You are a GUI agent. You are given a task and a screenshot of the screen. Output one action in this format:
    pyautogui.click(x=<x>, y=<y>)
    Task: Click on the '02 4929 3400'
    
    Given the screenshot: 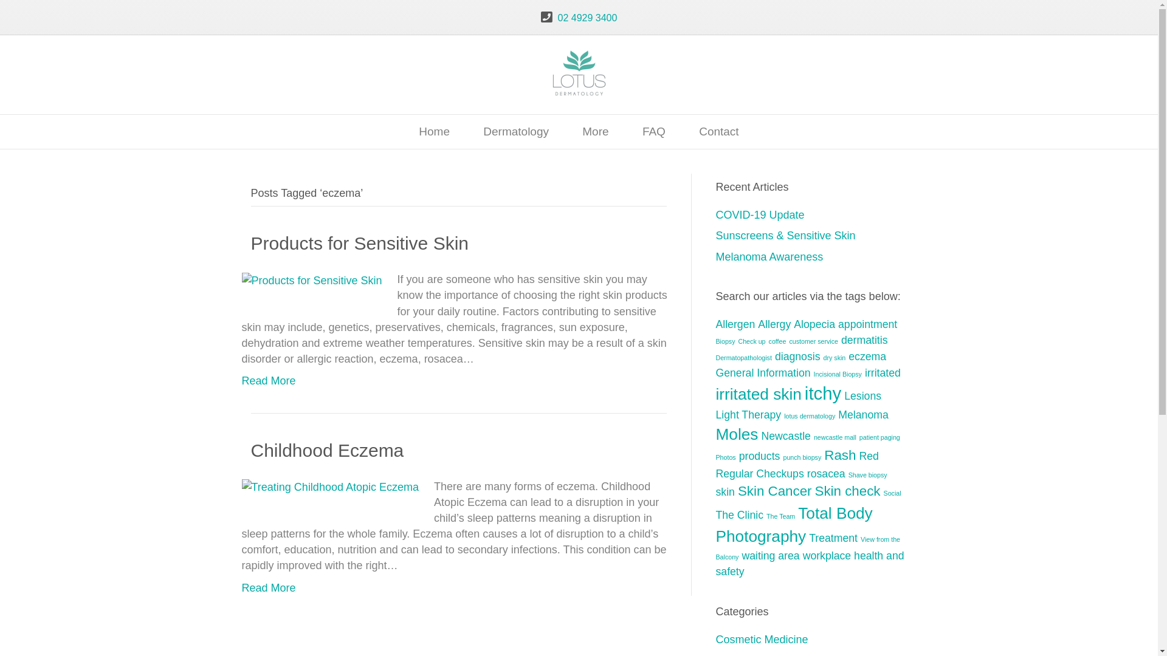 What is the action you would take?
    pyautogui.click(x=587, y=18)
    